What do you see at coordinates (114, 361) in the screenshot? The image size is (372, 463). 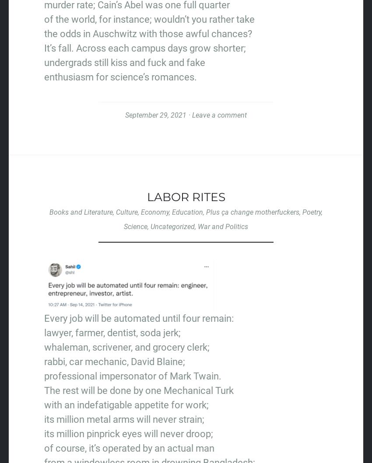 I see `'rabbi, car mechanic, David Blaine;'` at bounding box center [114, 361].